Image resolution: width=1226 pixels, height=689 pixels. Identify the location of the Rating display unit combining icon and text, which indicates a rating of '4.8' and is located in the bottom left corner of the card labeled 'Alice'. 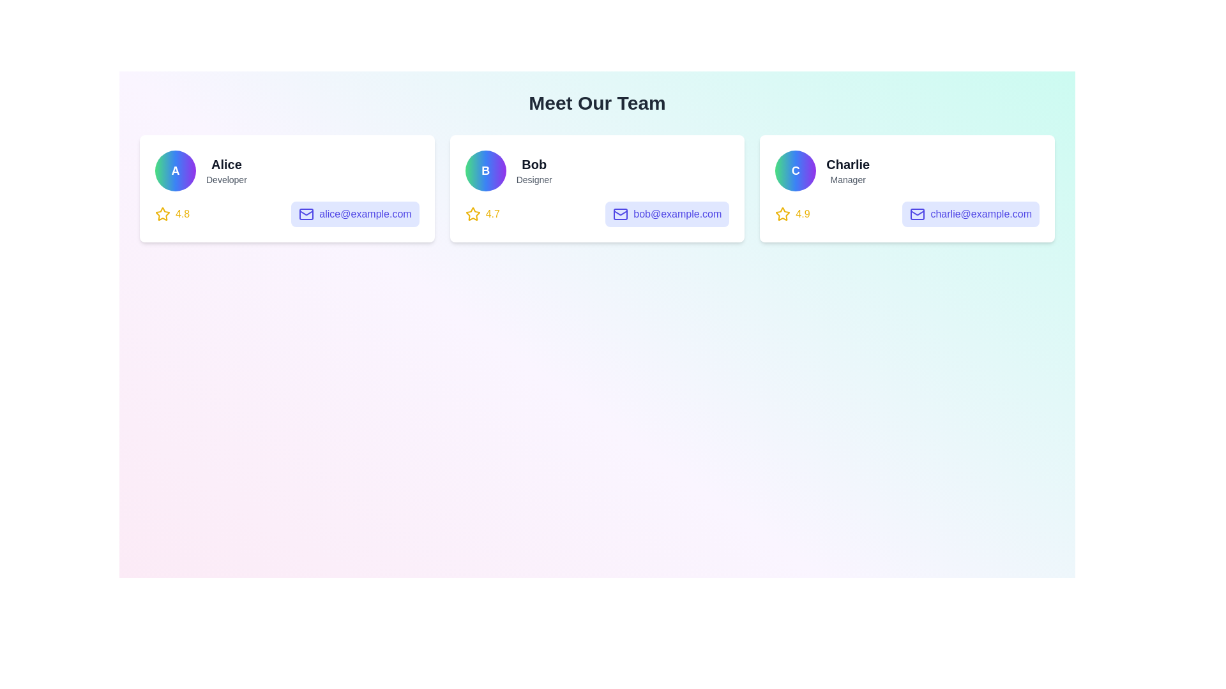
(172, 213).